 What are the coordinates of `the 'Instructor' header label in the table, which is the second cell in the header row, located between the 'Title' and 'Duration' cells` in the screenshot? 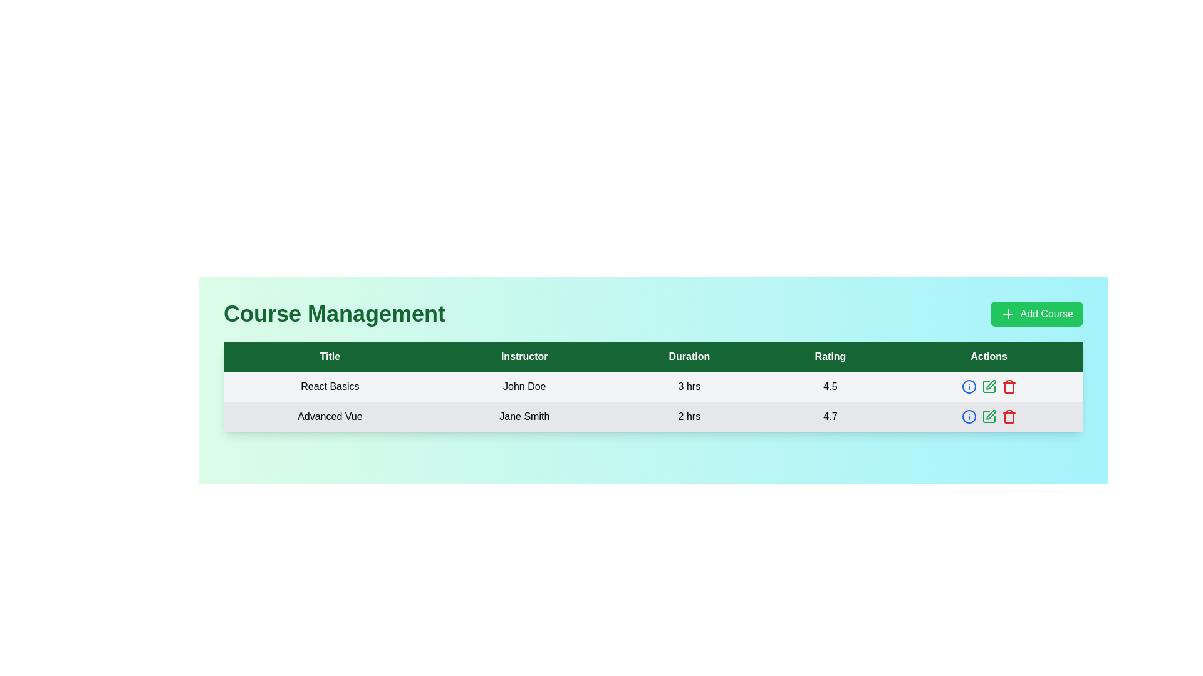 It's located at (524, 357).